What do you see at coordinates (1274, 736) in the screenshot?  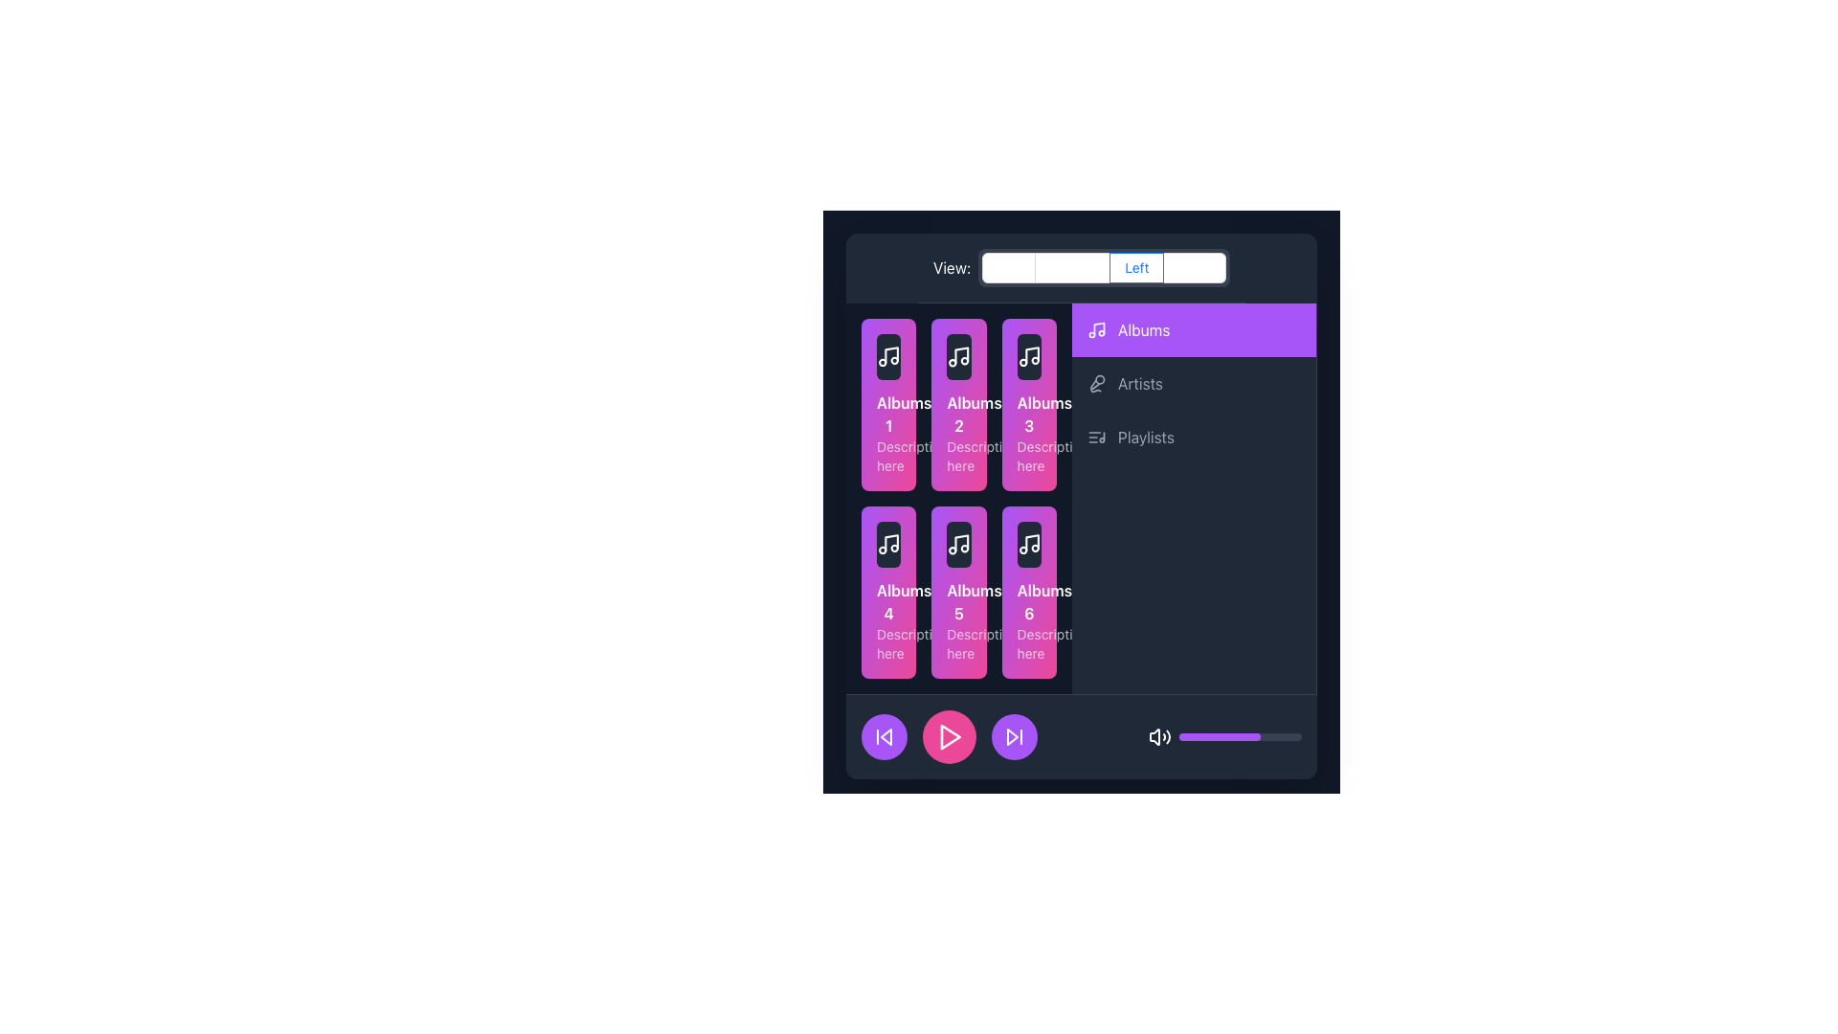 I see `the volume level` at bounding box center [1274, 736].